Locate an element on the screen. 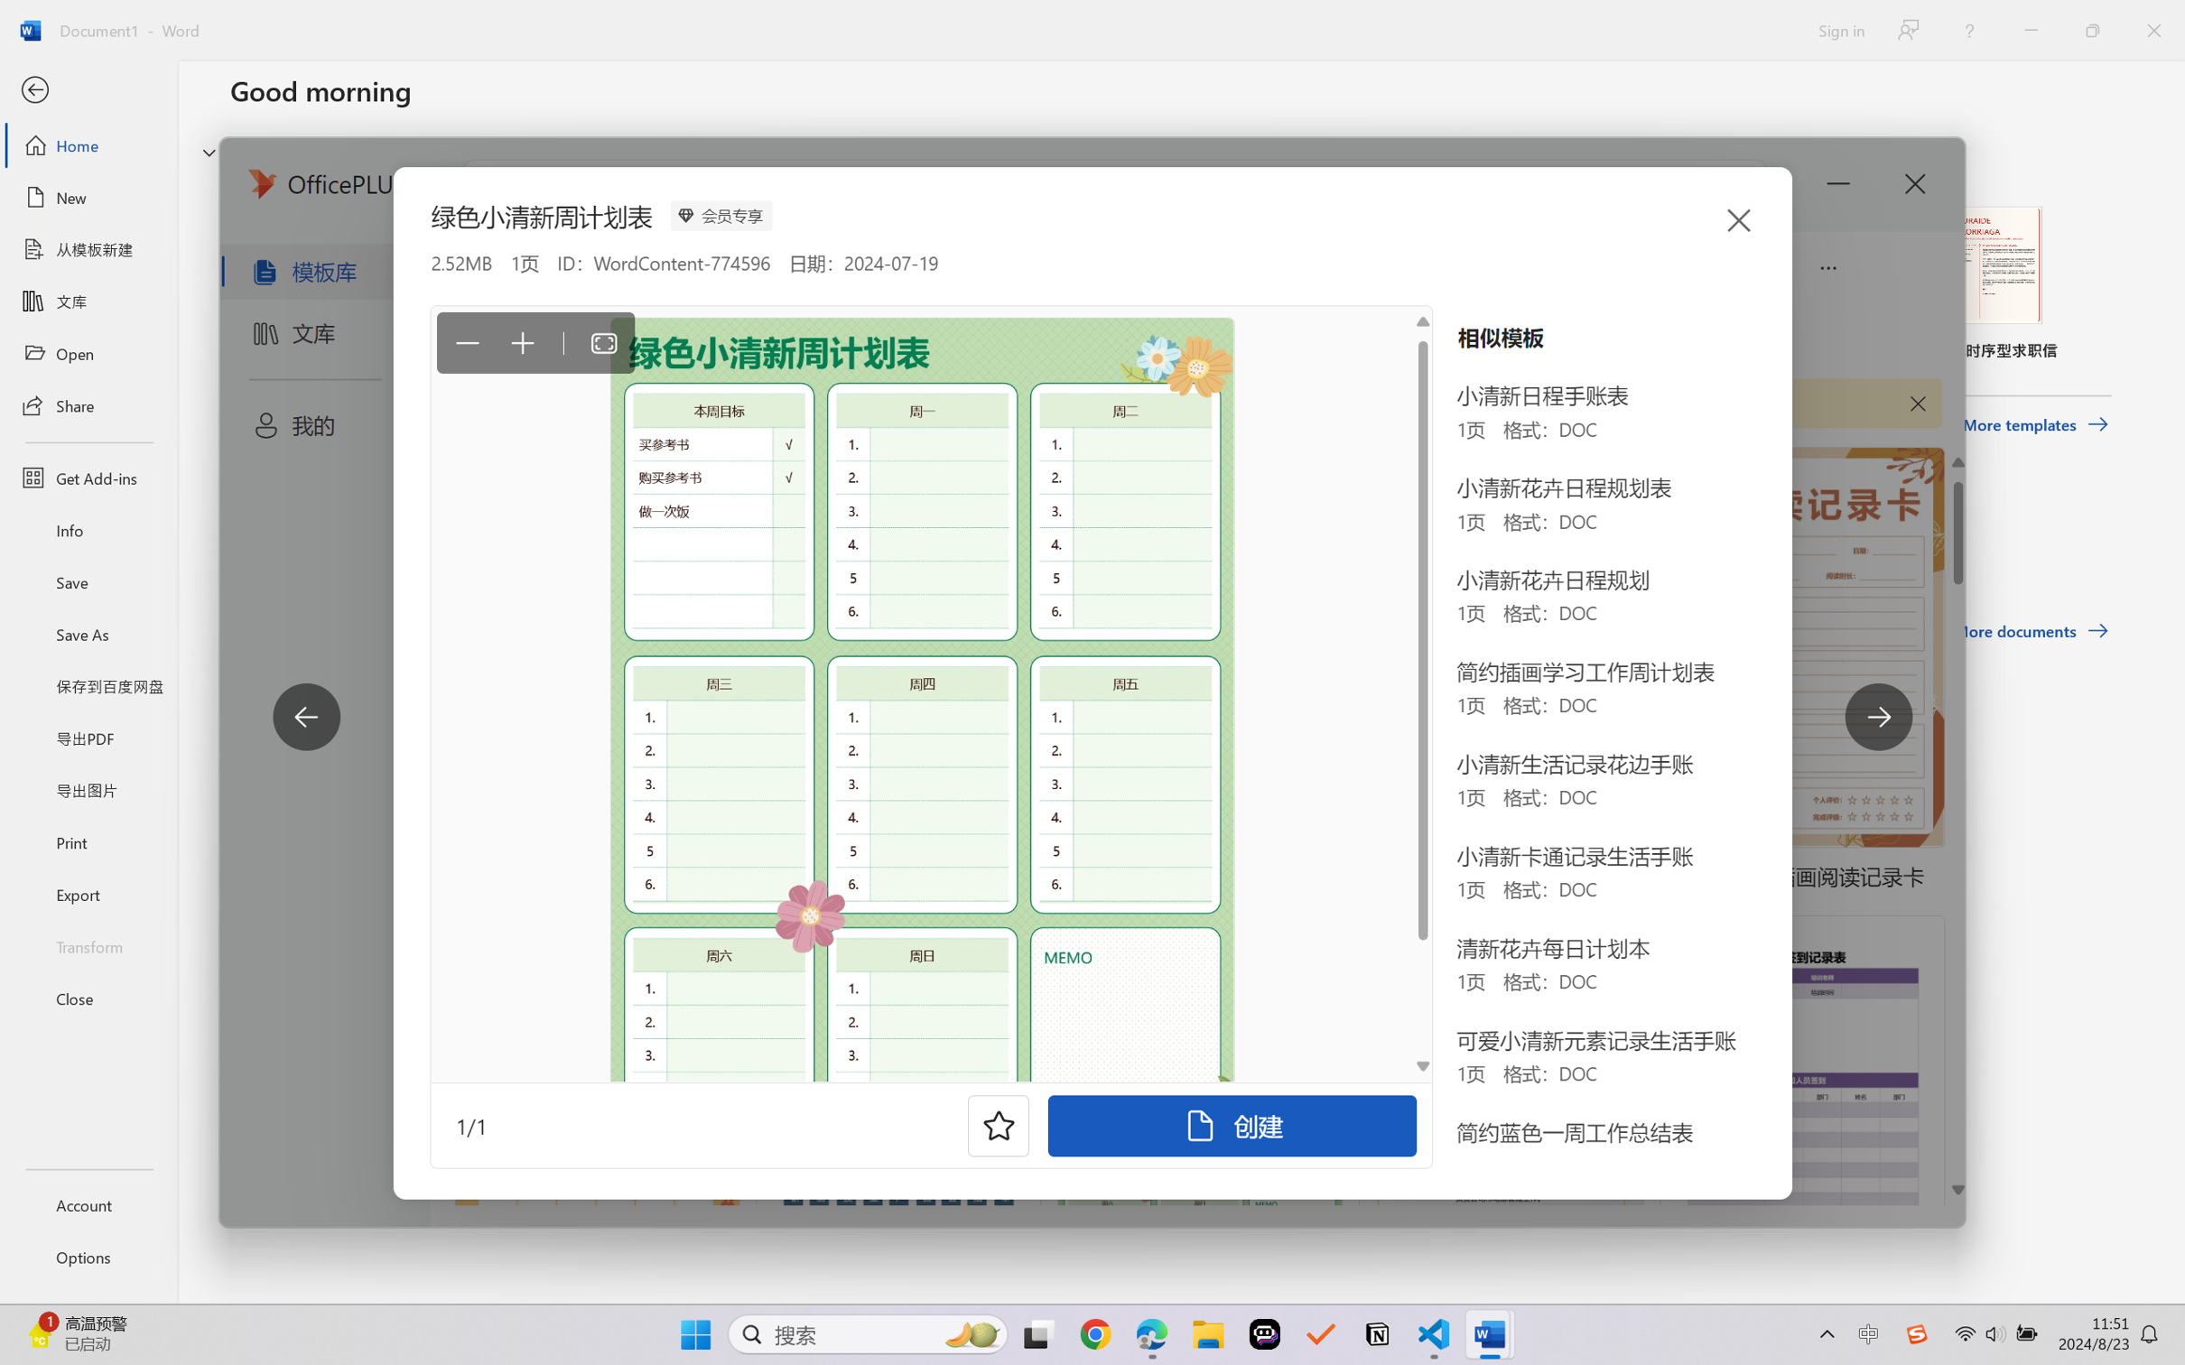 Image resolution: width=2185 pixels, height=1365 pixels. 'Sign in' is located at coordinates (1839, 30).